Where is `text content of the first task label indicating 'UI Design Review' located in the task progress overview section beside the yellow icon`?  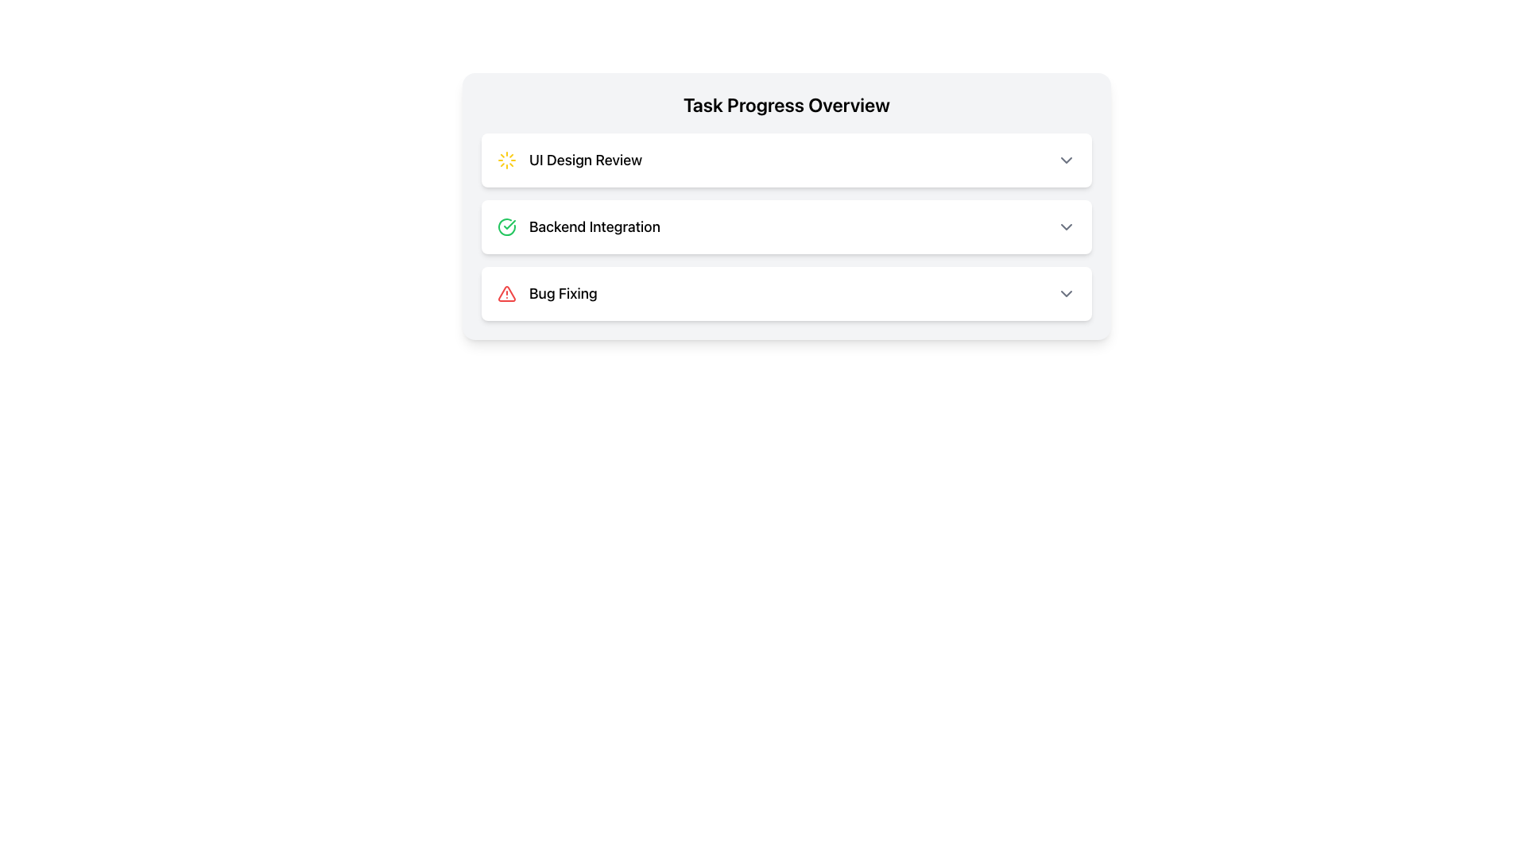
text content of the first task label indicating 'UI Design Review' located in the task progress overview section beside the yellow icon is located at coordinates (585, 160).